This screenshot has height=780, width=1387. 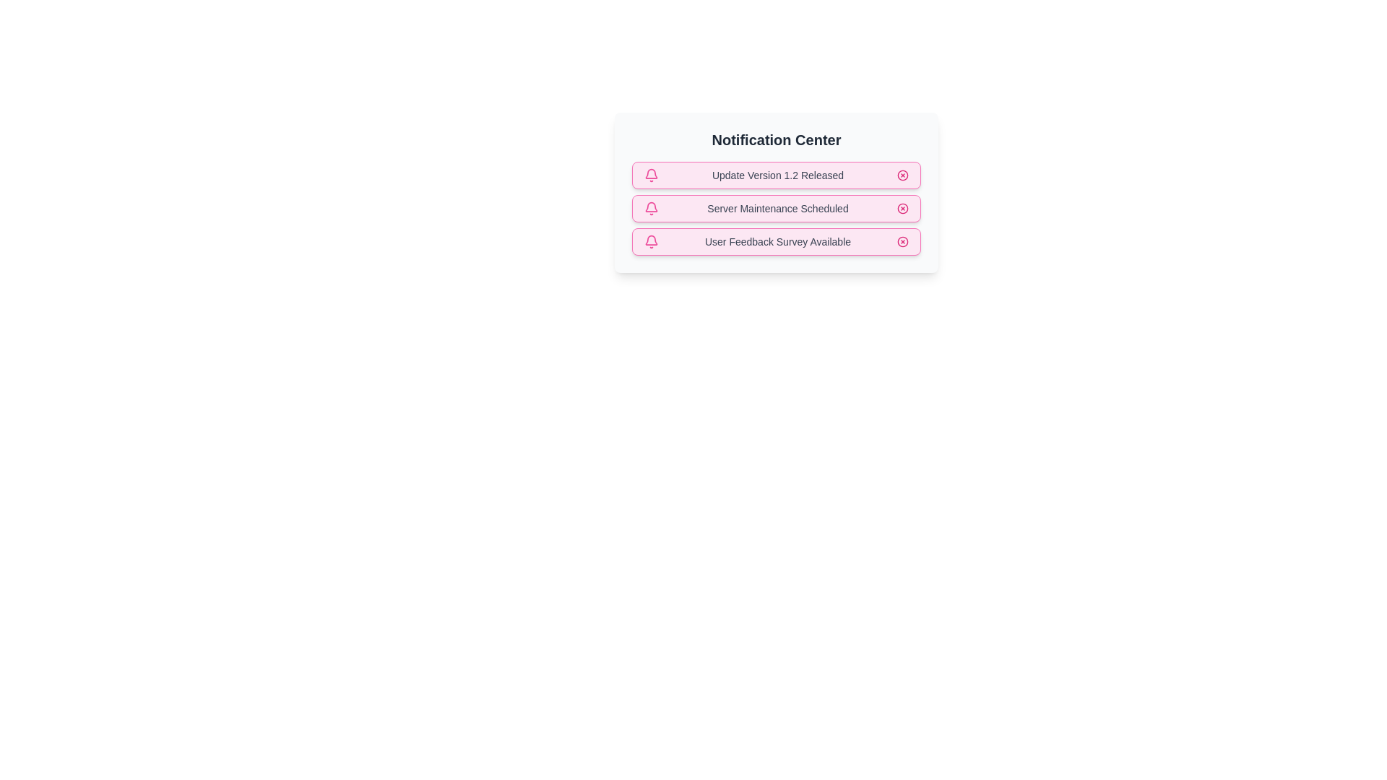 What do you see at coordinates (651, 241) in the screenshot?
I see `the notification icon to reveal details for the notification titled 'User Feedback Survey Available'` at bounding box center [651, 241].